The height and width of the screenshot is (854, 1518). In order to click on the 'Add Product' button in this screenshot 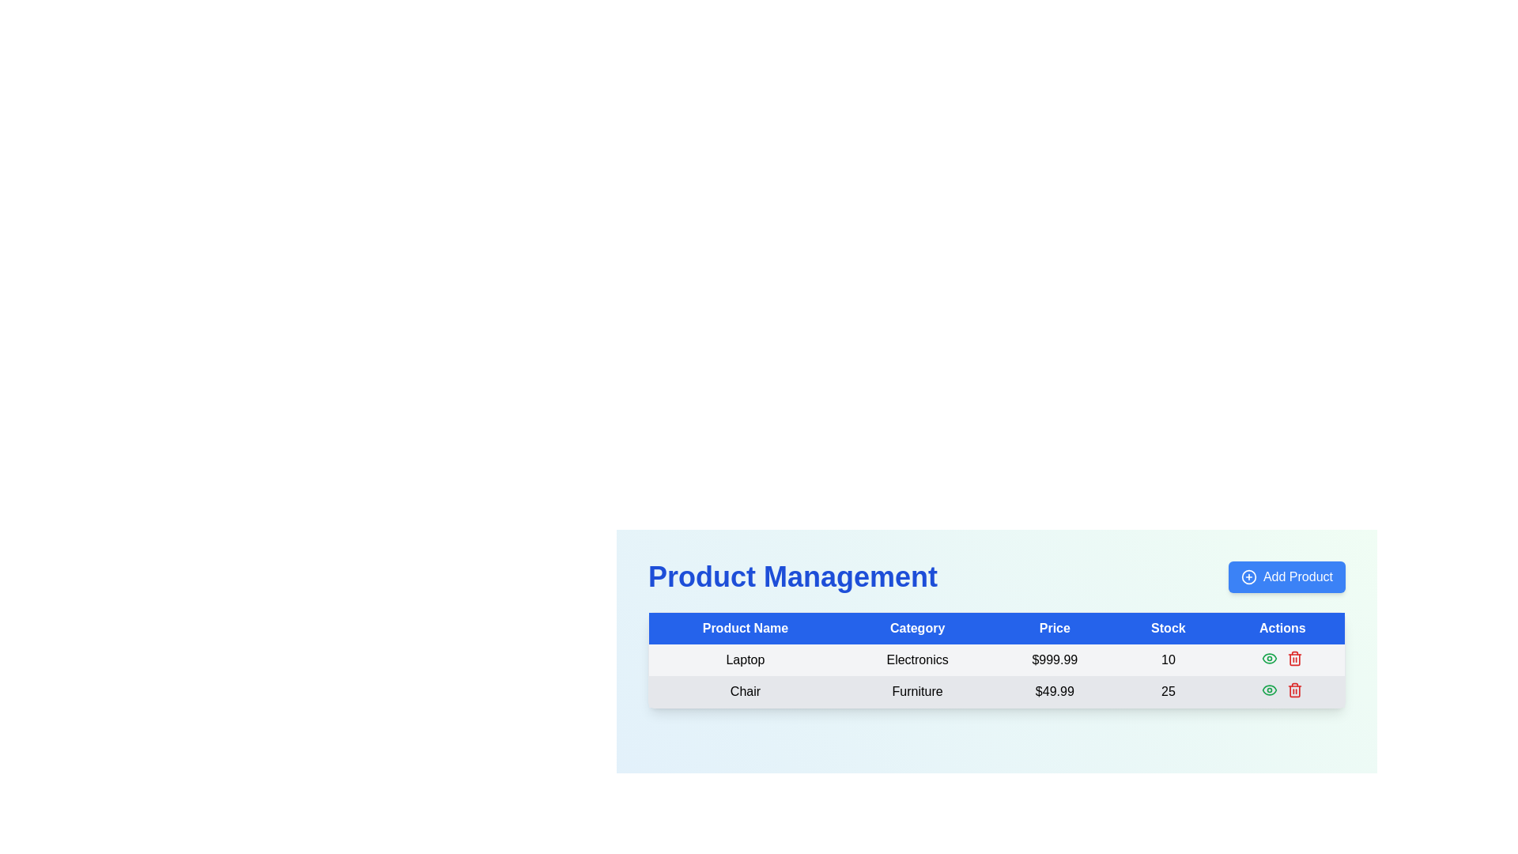, I will do `click(1286, 576)`.